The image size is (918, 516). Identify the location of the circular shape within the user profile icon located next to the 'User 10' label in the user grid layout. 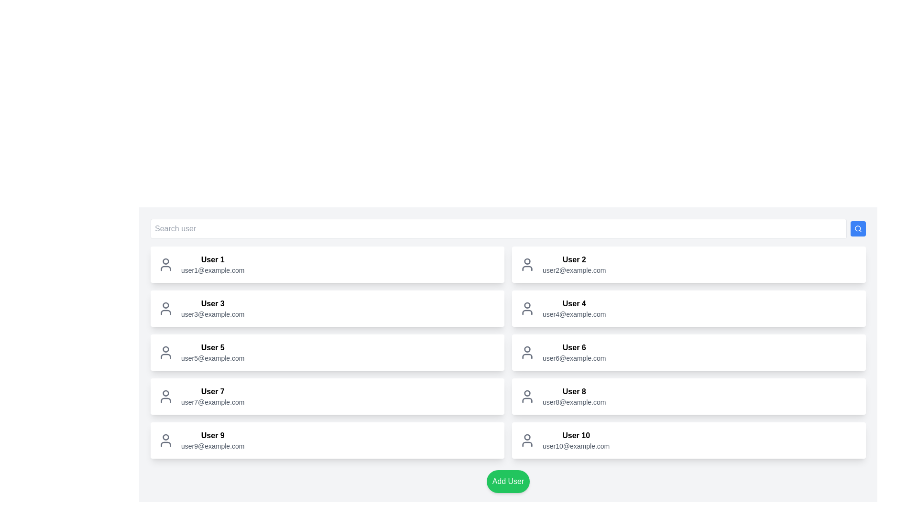
(527, 437).